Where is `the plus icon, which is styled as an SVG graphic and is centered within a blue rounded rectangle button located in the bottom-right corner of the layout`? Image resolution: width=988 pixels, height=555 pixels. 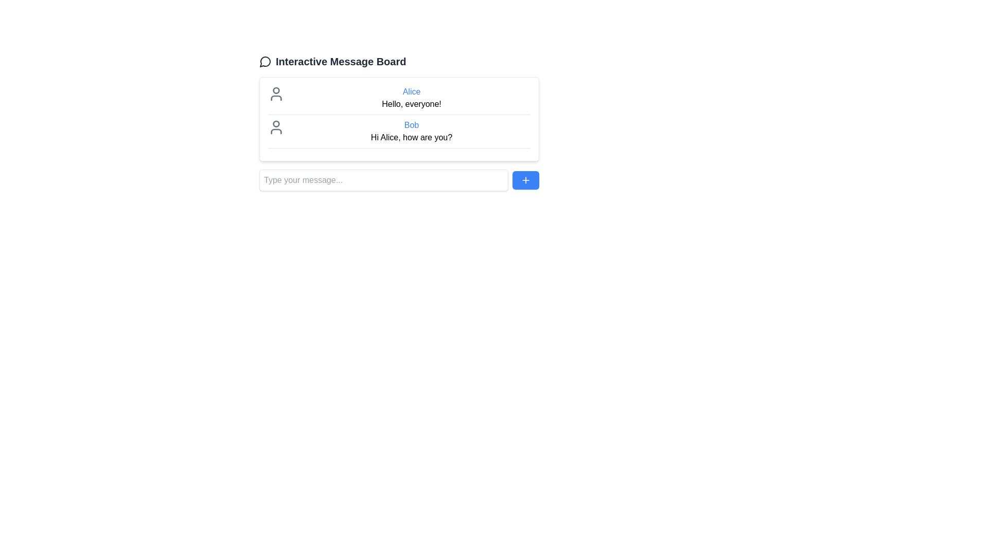 the plus icon, which is styled as an SVG graphic and is centered within a blue rounded rectangle button located in the bottom-right corner of the layout is located at coordinates (526, 180).